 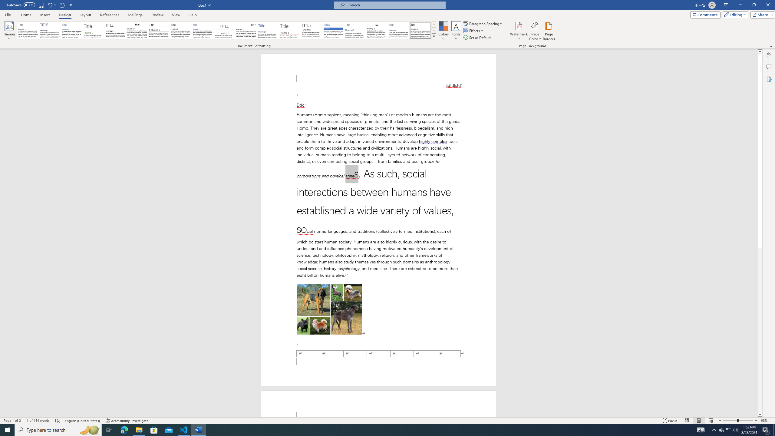 I want to click on 'Zoom', so click(x=738, y=421).